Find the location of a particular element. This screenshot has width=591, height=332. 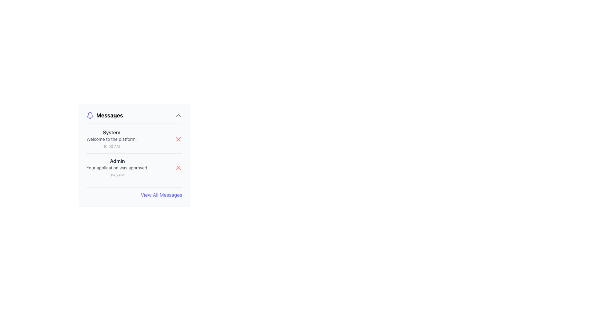

the decorative notification bell icon located in the top-left corner of the 'Messages' section is located at coordinates (90, 115).